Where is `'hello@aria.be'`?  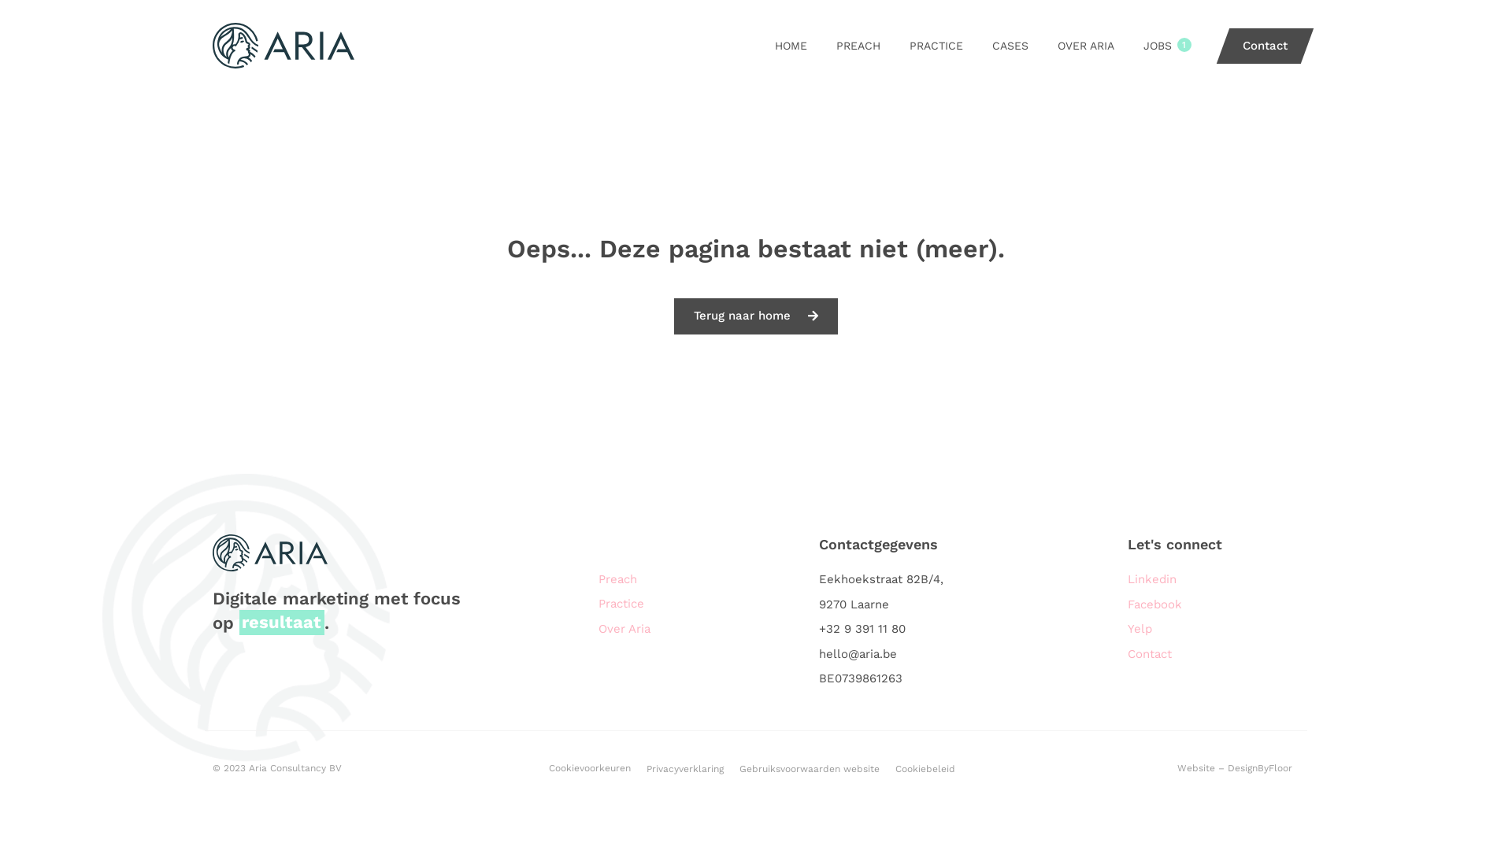
'hello@aria.be' is located at coordinates (921, 655).